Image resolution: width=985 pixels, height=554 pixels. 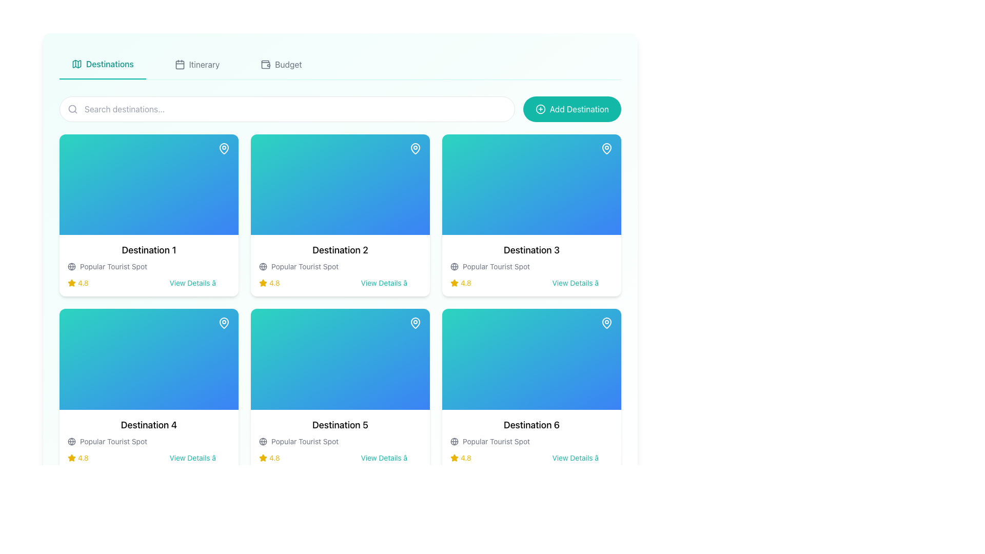 I want to click on title text located at the topmost position of the fourth card in the second row of a 3x2 grid layout, which serves as a descriptive label for the card's information, so click(x=148, y=425).